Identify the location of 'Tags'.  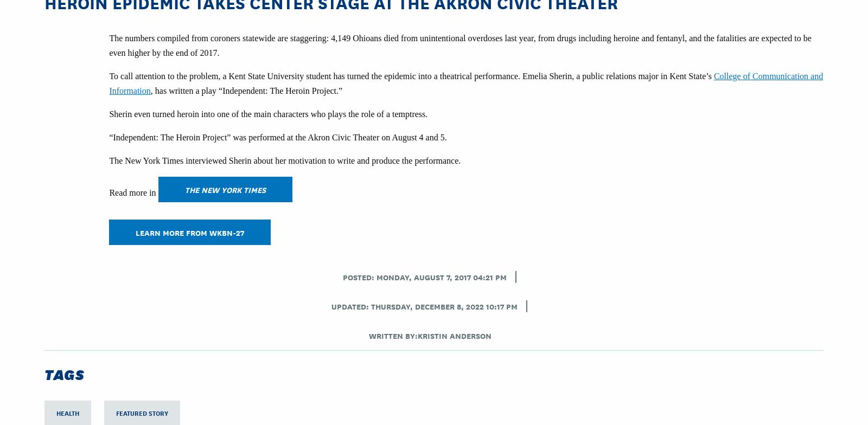
(64, 374).